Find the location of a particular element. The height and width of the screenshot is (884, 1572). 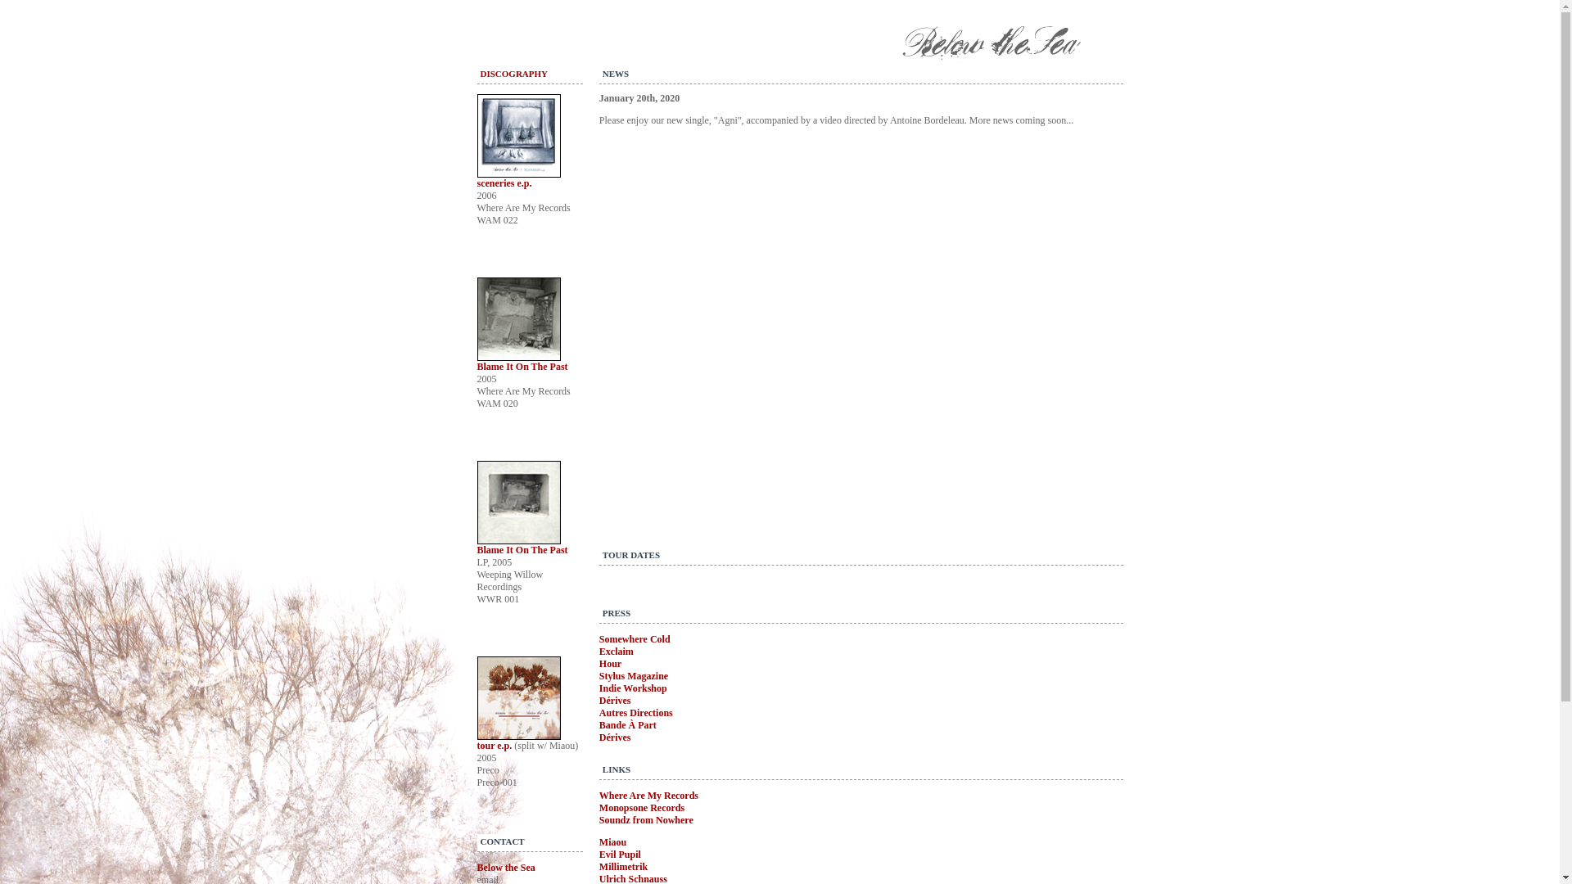

'DISCOGRAPHY' is located at coordinates (478, 72).